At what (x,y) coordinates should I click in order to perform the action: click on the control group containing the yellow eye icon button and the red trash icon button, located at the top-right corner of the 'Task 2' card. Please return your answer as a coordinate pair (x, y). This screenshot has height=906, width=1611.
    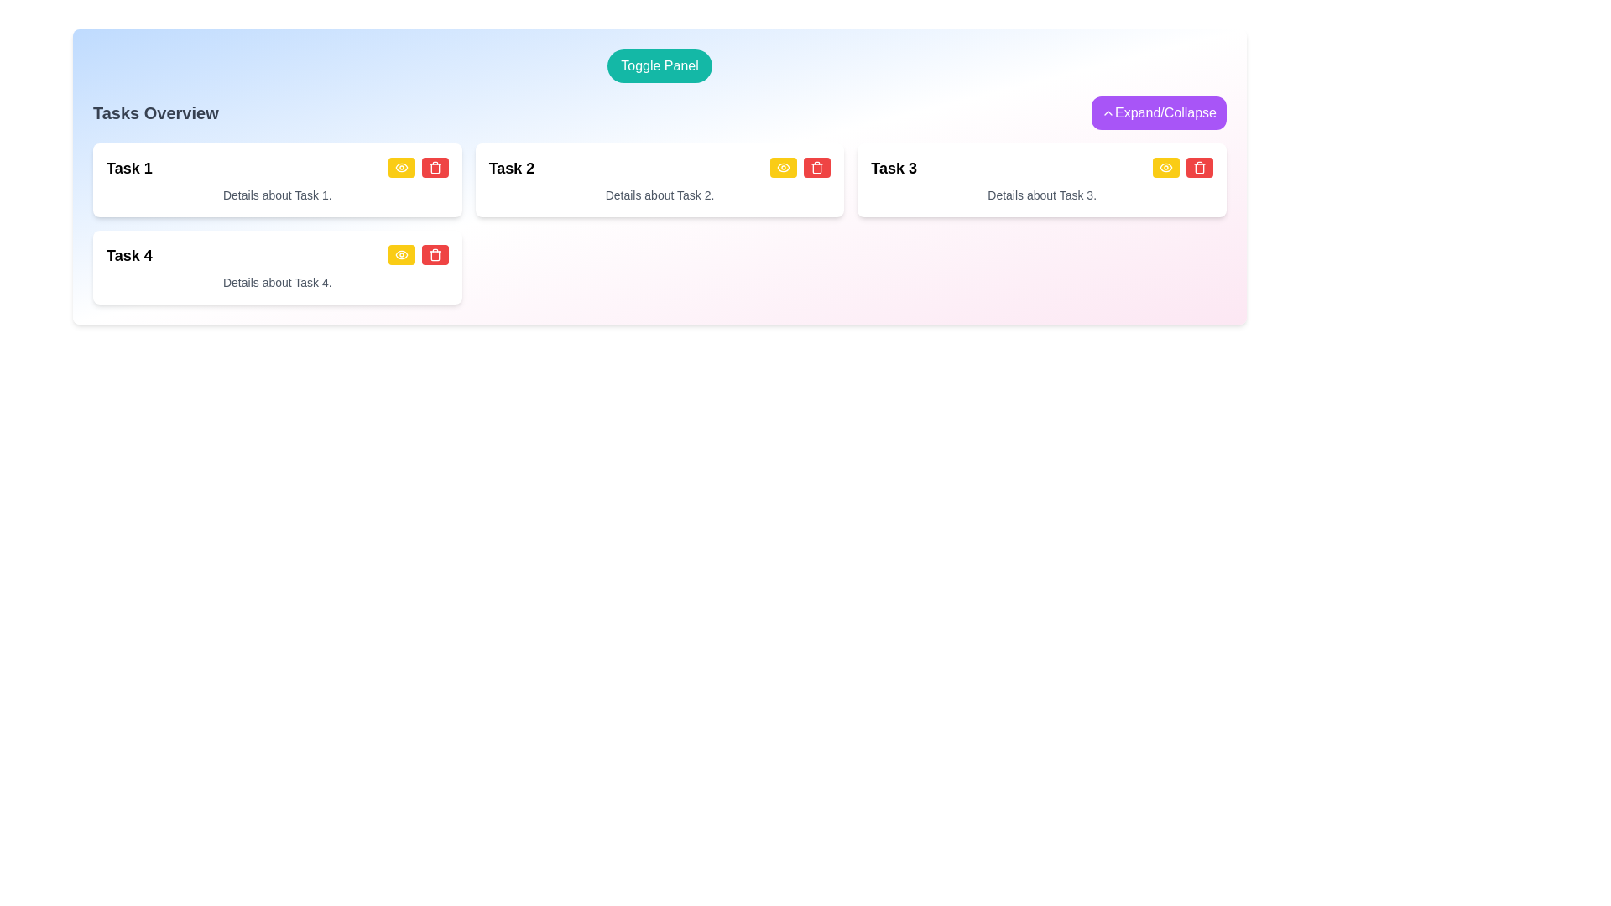
    Looking at the image, I should click on (800, 168).